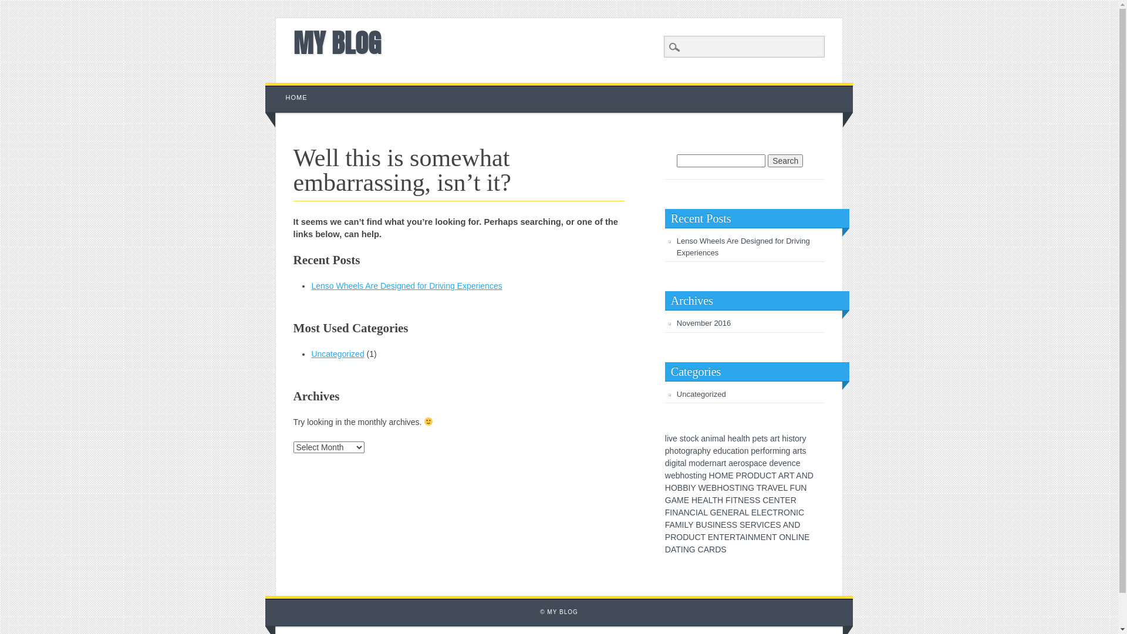  What do you see at coordinates (757, 475) in the screenshot?
I see `'D'` at bounding box center [757, 475].